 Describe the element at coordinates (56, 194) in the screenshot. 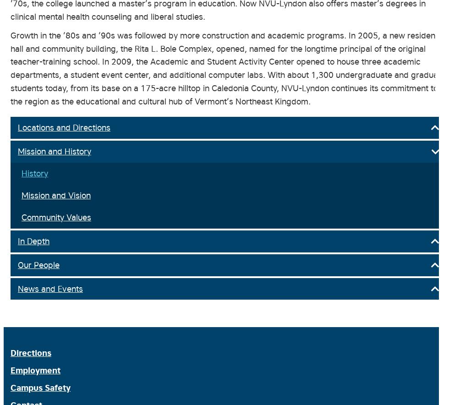

I see `'Mission and Vision'` at that location.